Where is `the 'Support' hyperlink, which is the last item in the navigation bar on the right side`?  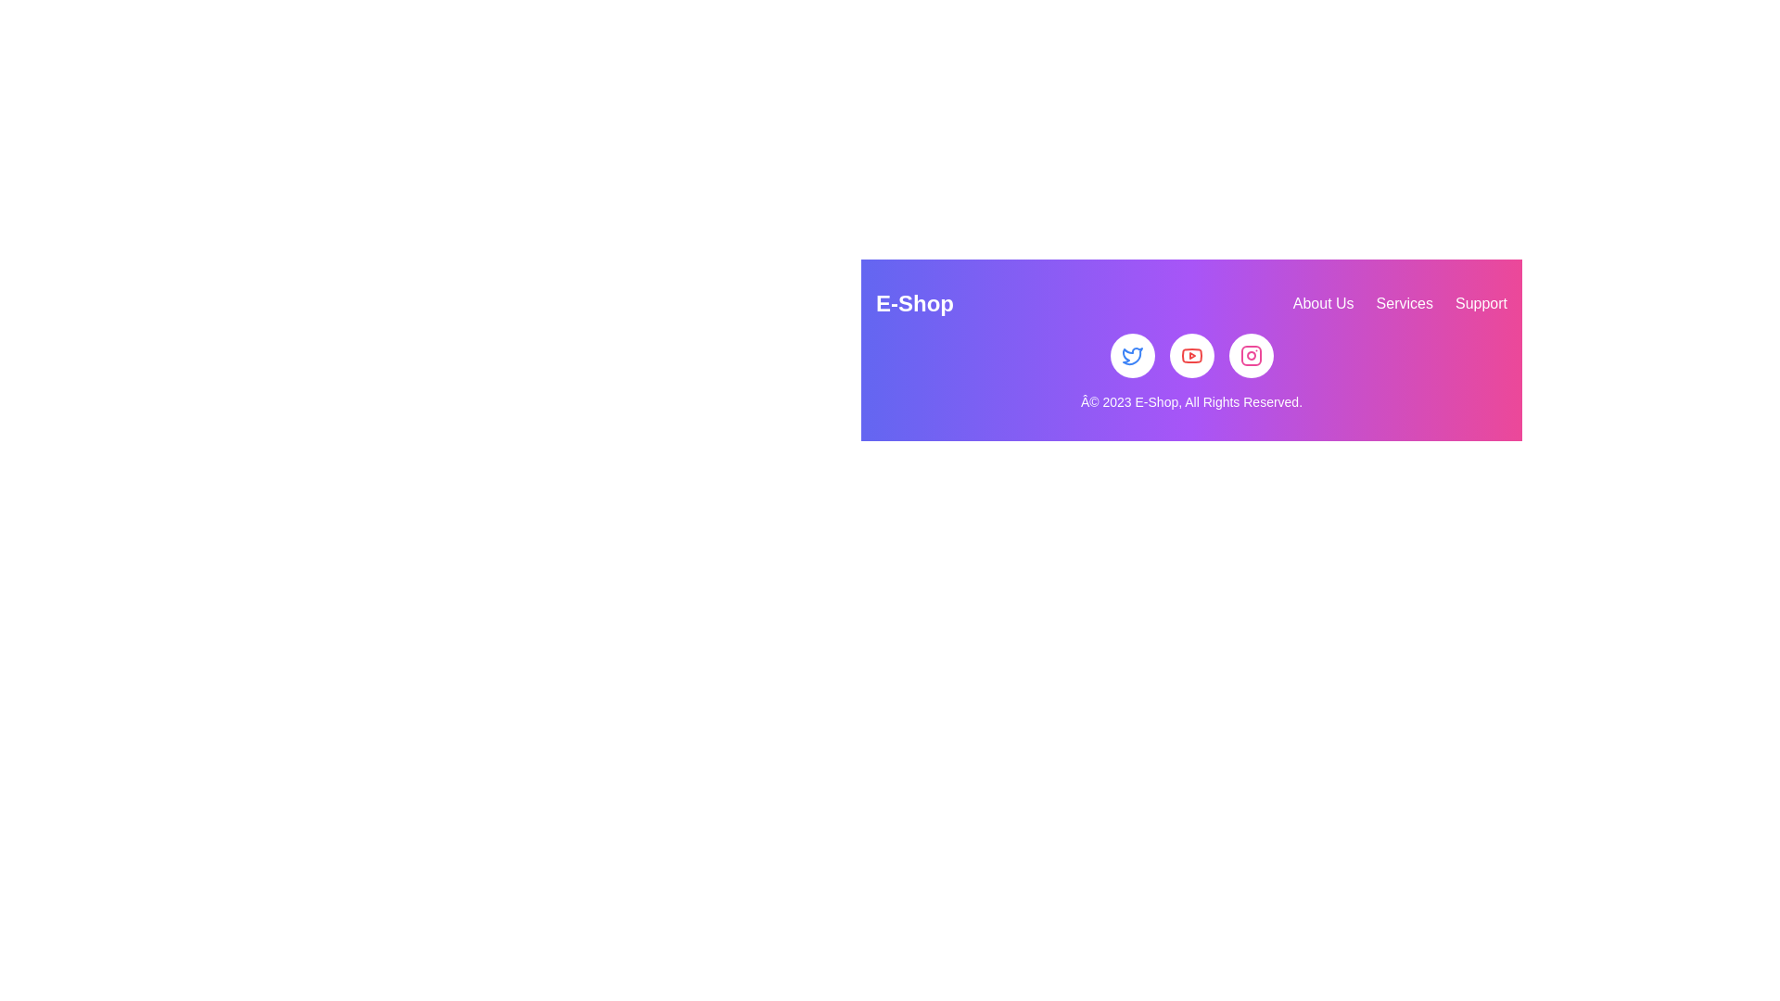 the 'Support' hyperlink, which is the last item in the navigation bar on the right side is located at coordinates (1481, 302).